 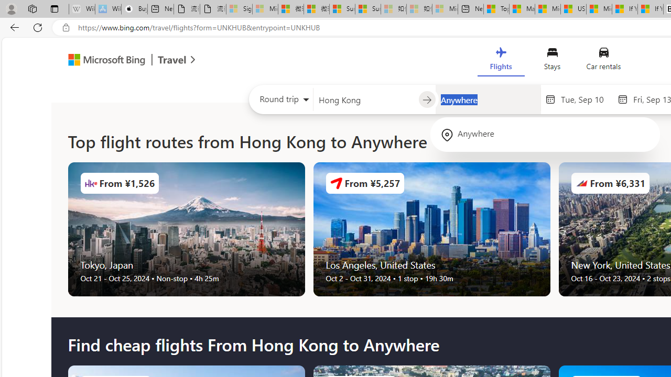 What do you see at coordinates (545, 134) in the screenshot?
I see `'Anywhere'` at bounding box center [545, 134].